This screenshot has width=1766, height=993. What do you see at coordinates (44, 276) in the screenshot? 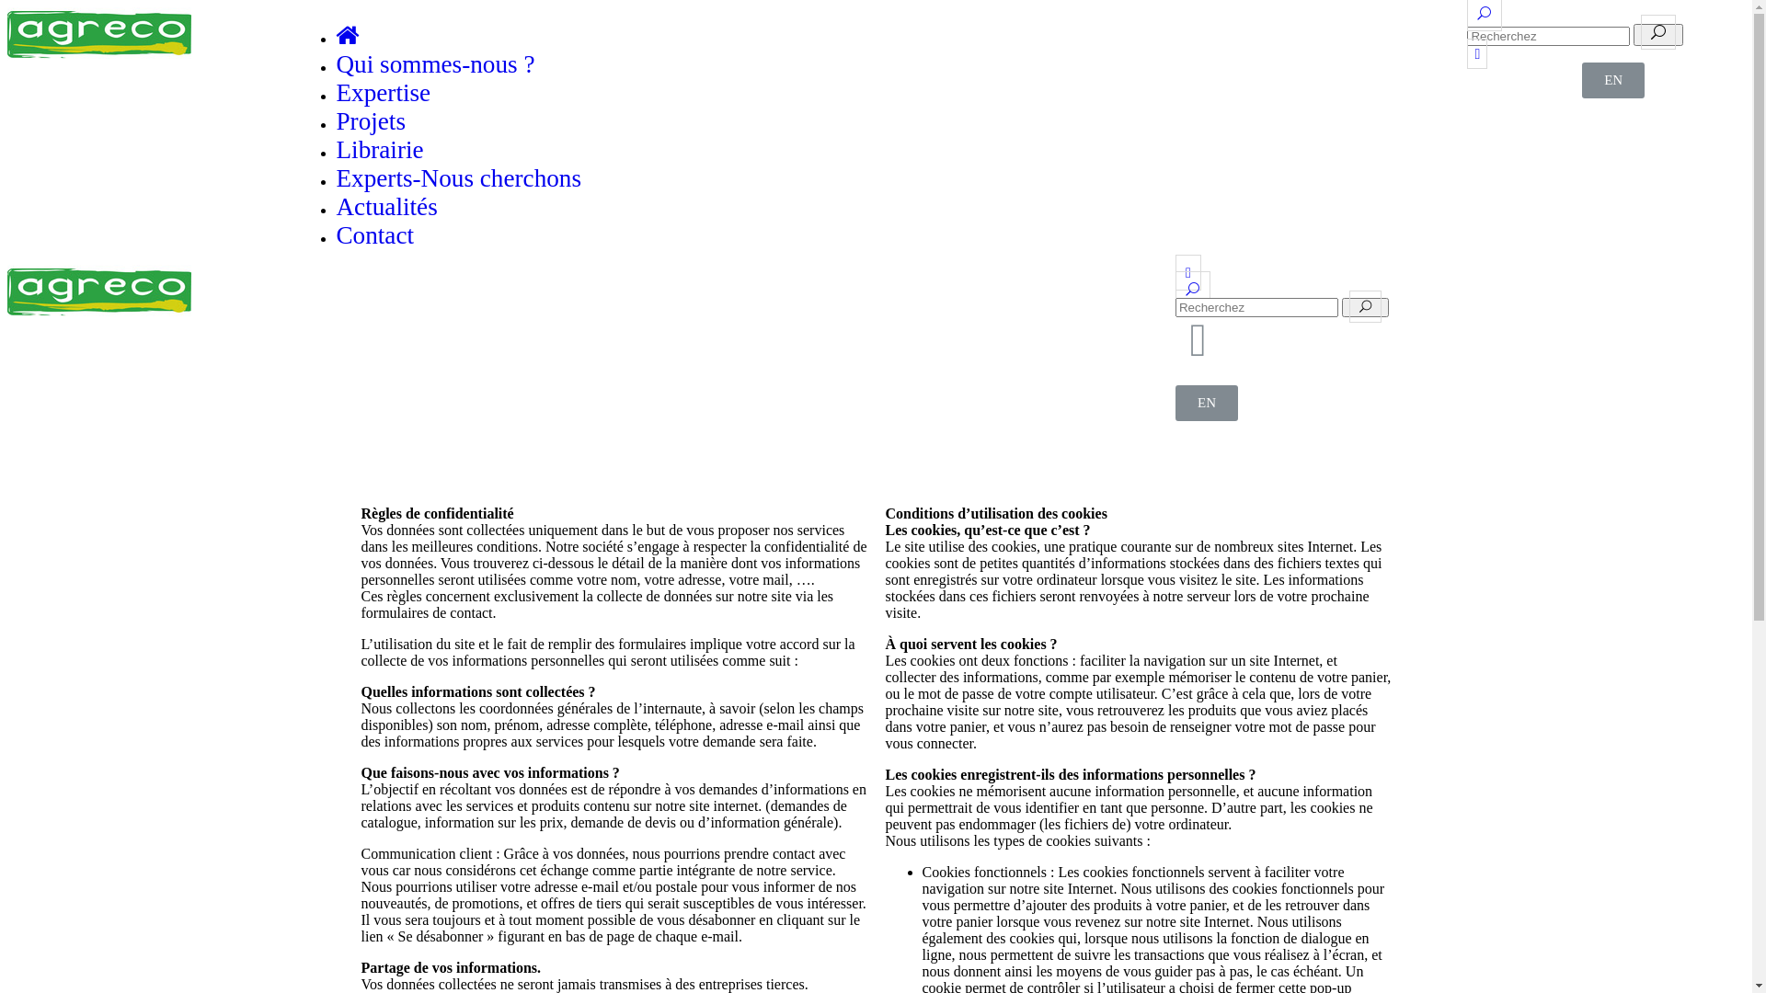
I see `'Qui sommes-nous ?'` at bounding box center [44, 276].